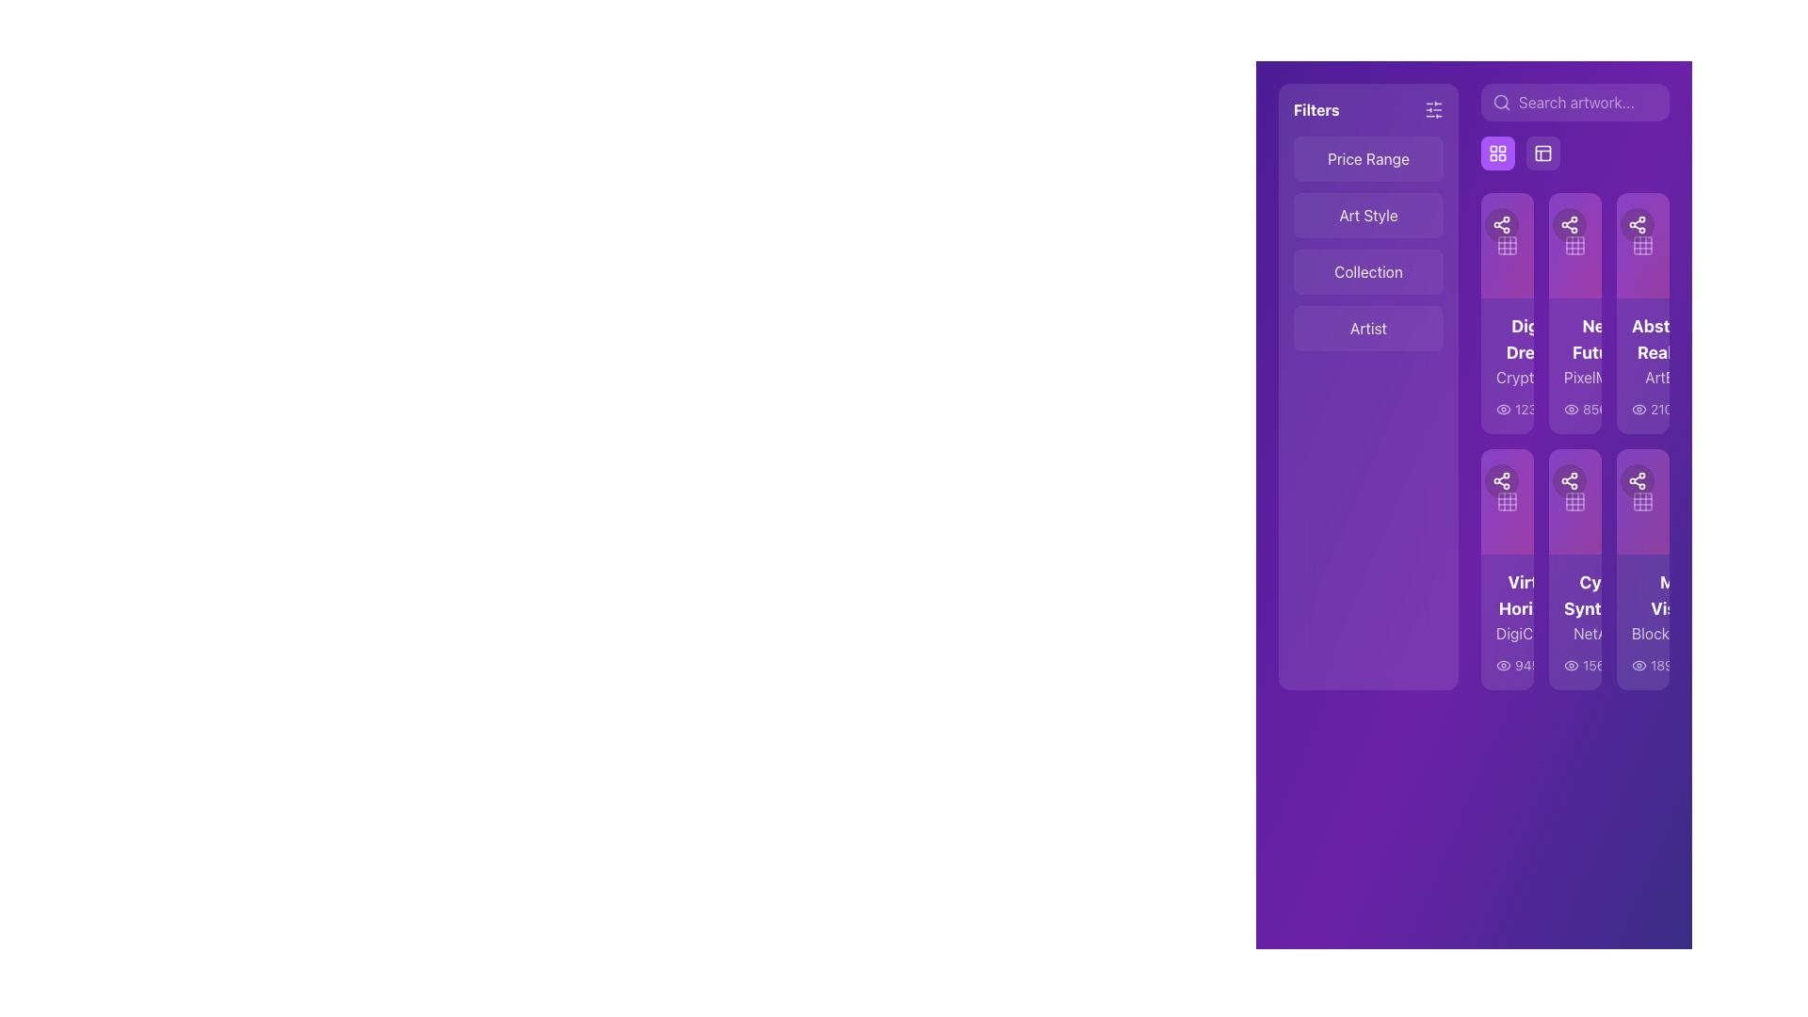 The height and width of the screenshot is (1017, 1808). I want to click on the visibility indicator icon located in the same row as the item titled 'Cyber Synth', positioned to the left of the text '1567', so click(1572, 664).